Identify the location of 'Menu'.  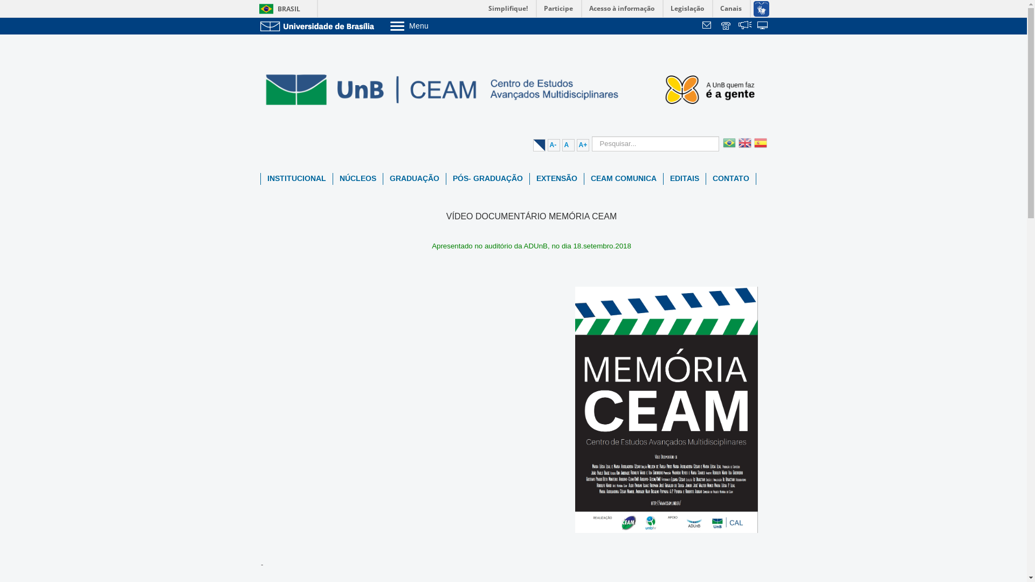
(436, 25).